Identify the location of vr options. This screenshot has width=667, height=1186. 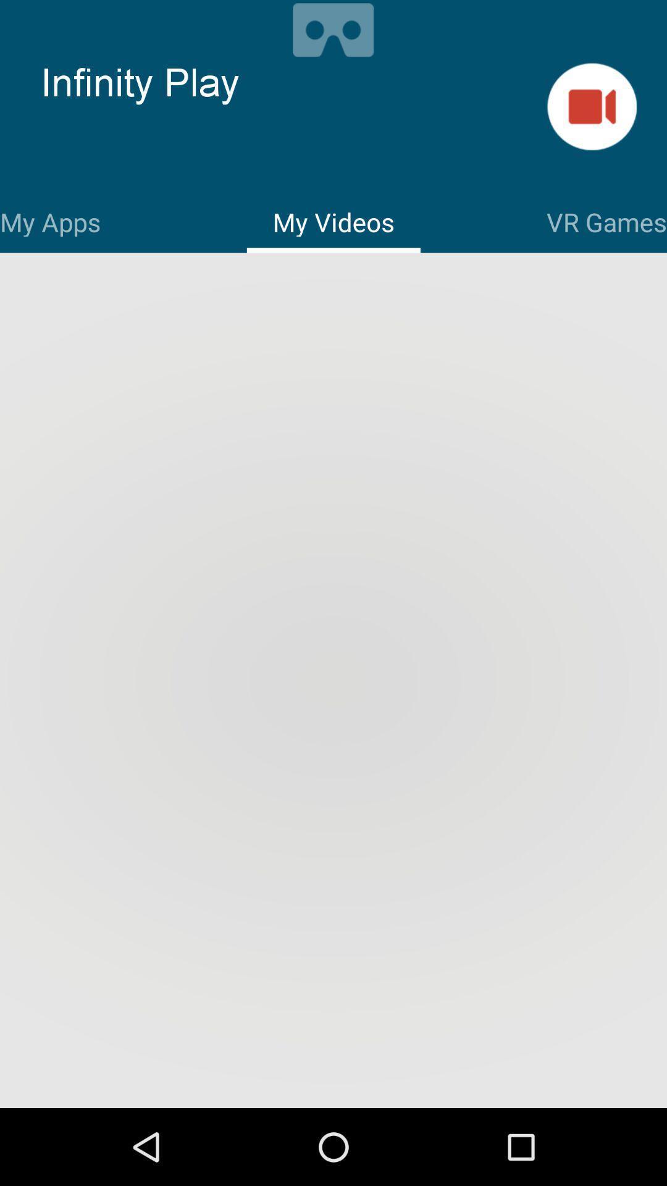
(332, 28).